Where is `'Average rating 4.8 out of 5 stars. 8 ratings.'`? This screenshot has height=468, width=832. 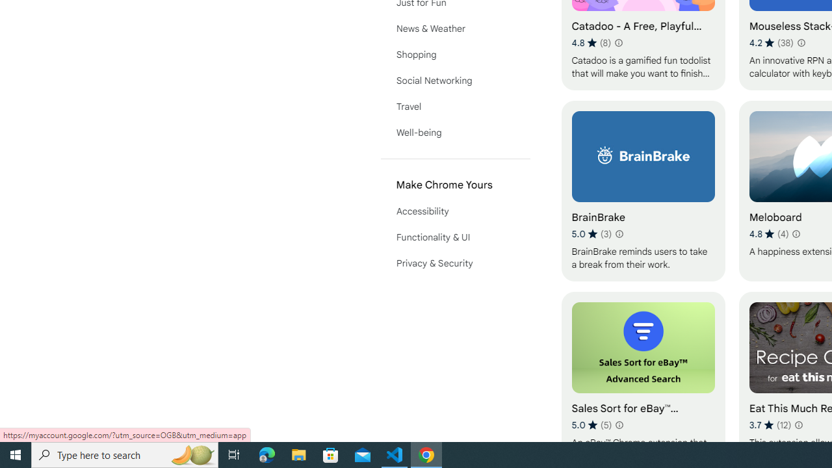
'Average rating 4.8 out of 5 stars. 8 ratings.' is located at coordinates (591, 42).